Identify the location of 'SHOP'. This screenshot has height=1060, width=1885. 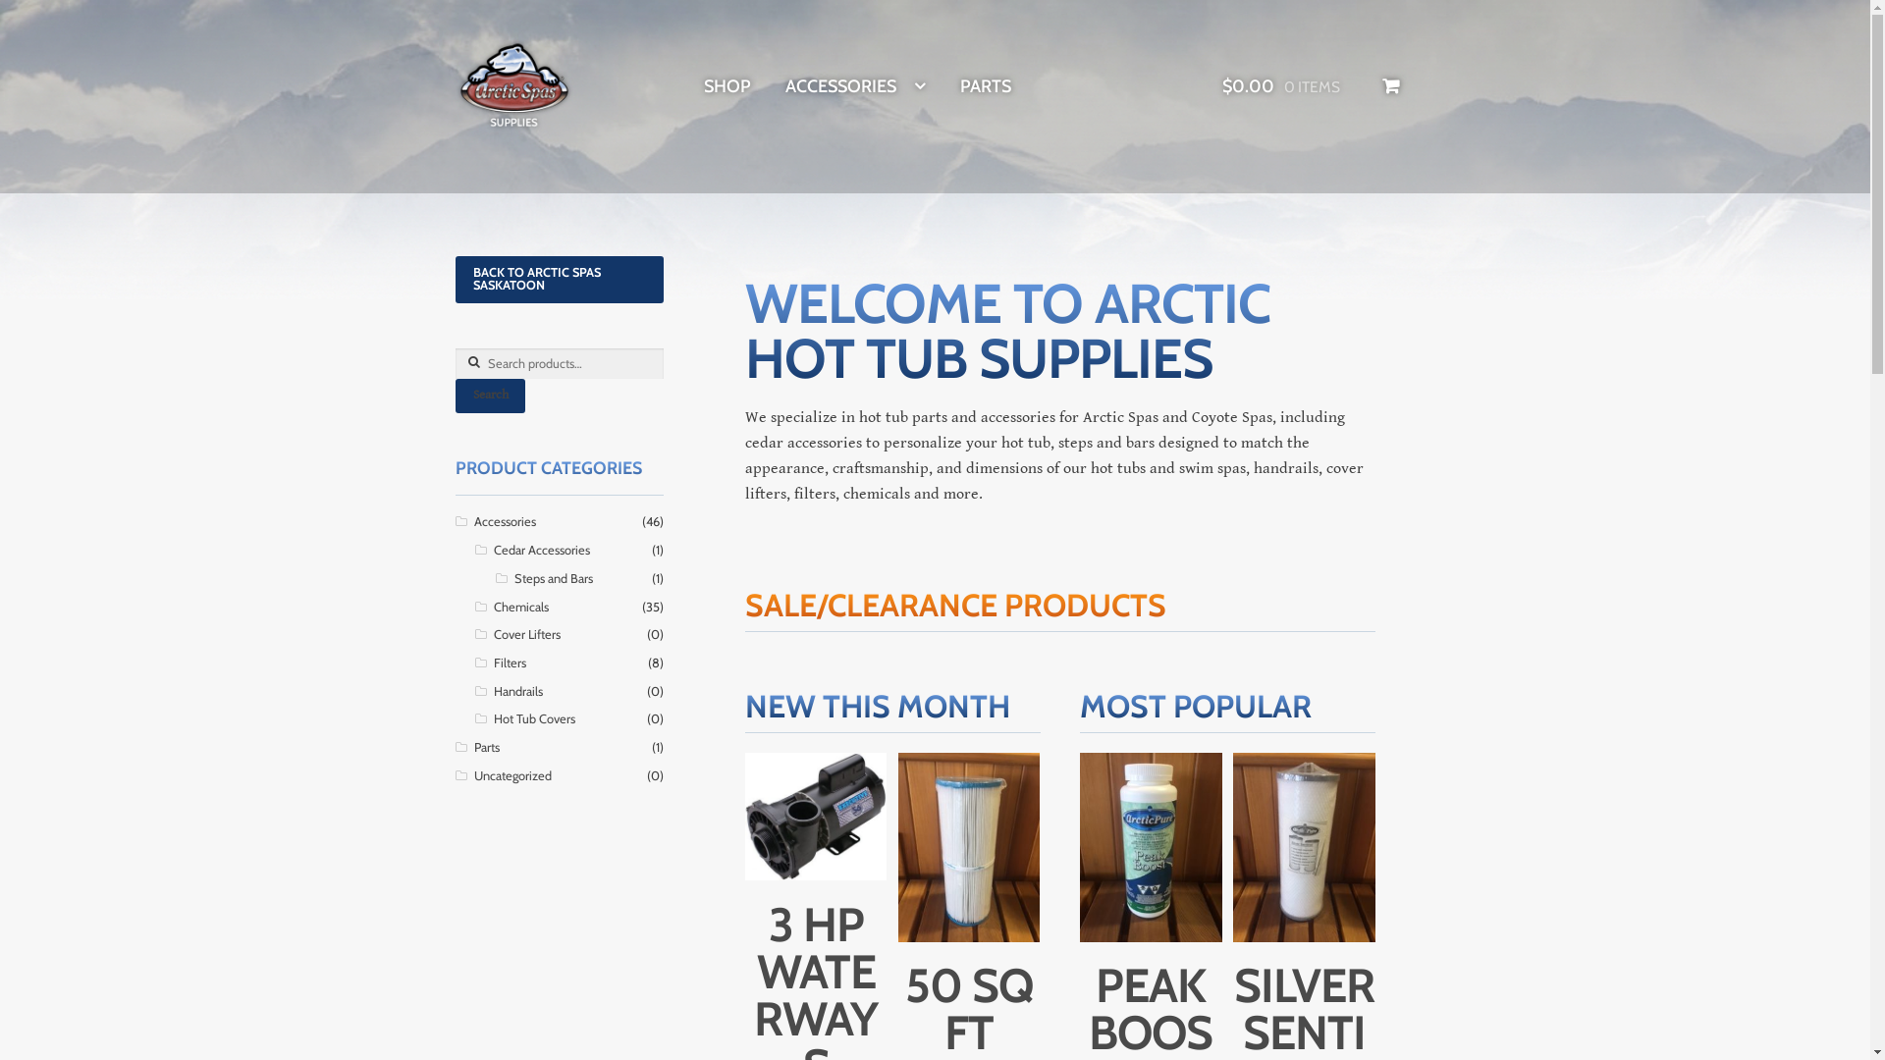
(726, 85).